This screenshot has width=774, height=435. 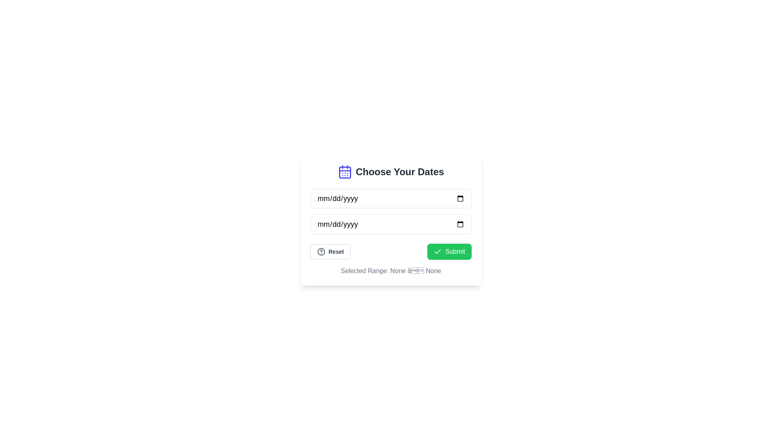 What do you see at coordinates (449, 251) in the screenshot?
I see `the 'Submit' button, which has a bright green background, rounded corners, and white text with a checkmark icon` at bounding box center [449, 251].